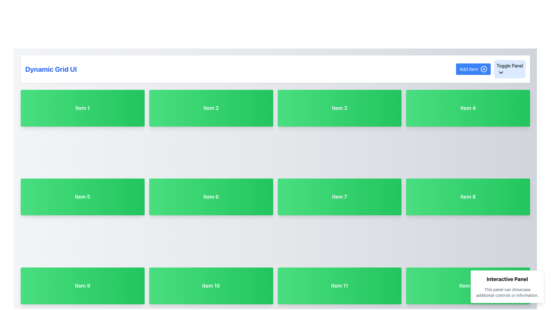  I want to click on the 'Interactive Panel' located at the bottom-right corner of the layout, which showcases additional controls or information, so click(507, 287).